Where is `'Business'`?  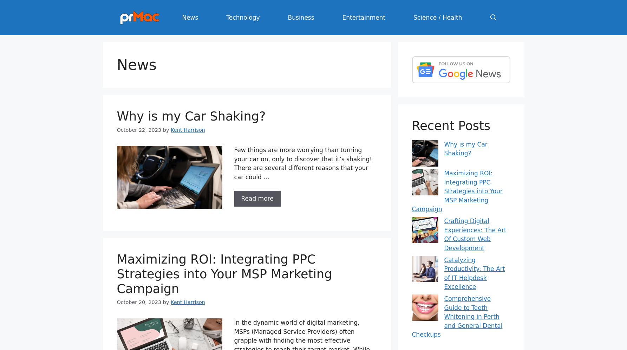
'Business' is located at coordinates (287, 17).